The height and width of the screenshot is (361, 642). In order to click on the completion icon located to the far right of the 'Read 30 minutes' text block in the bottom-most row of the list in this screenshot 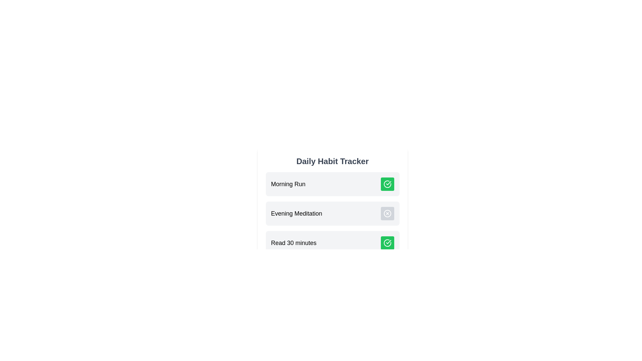, I will do `click(387, 243)`.